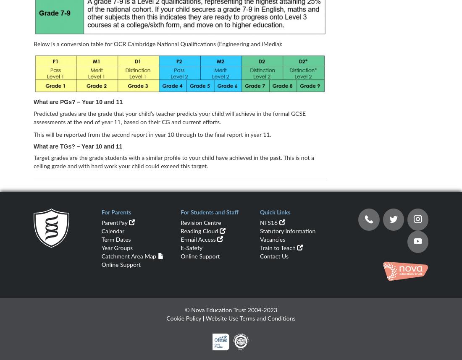  I want to click on 'E-mail Access', so click(198, 240).